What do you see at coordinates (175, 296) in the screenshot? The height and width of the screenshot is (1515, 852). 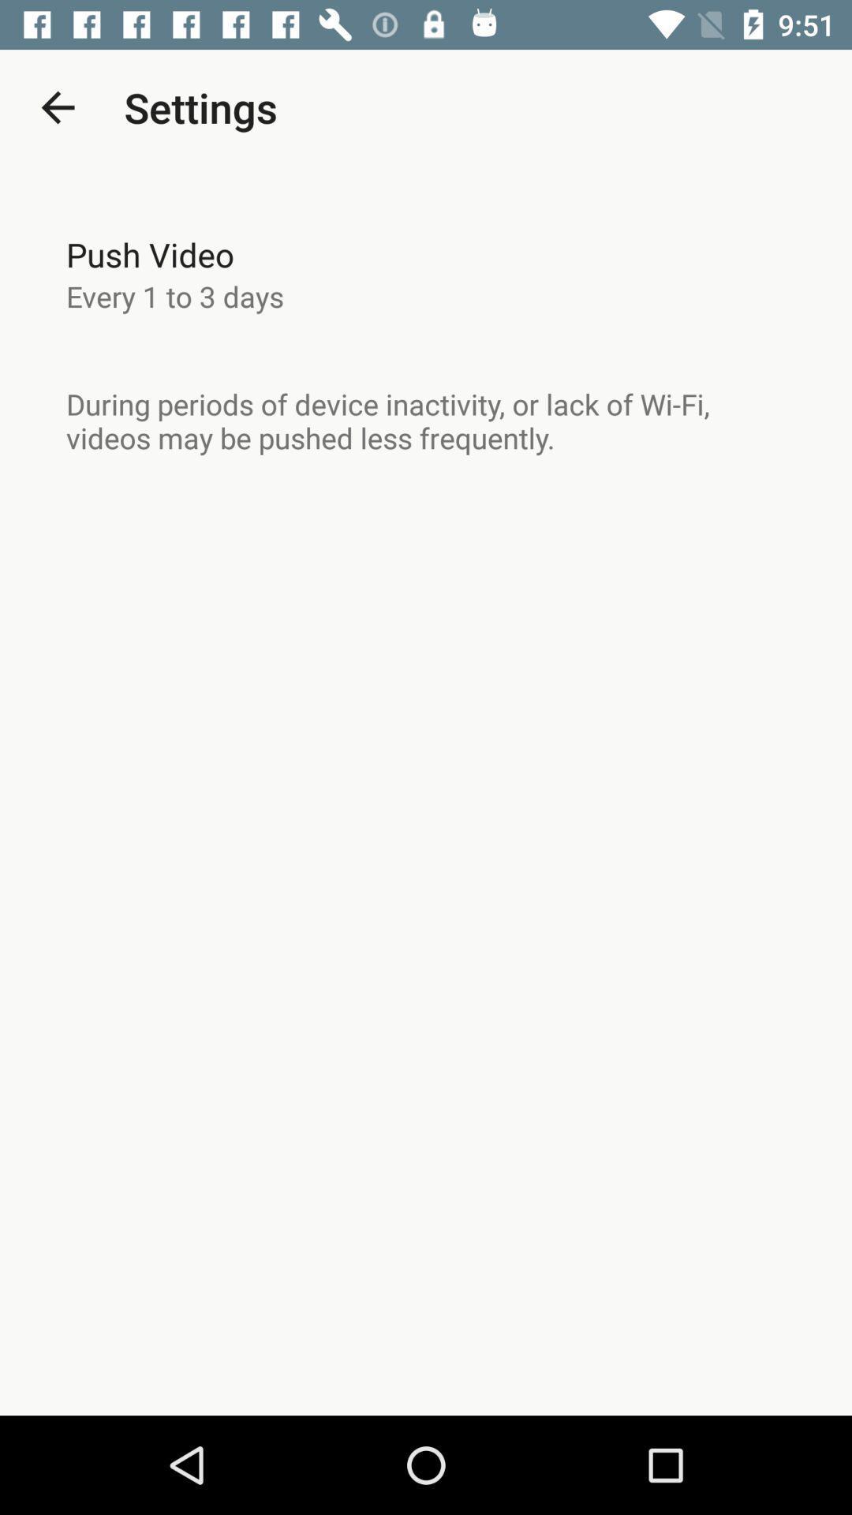 I see `item below push video` at bounding box center [175, 296].